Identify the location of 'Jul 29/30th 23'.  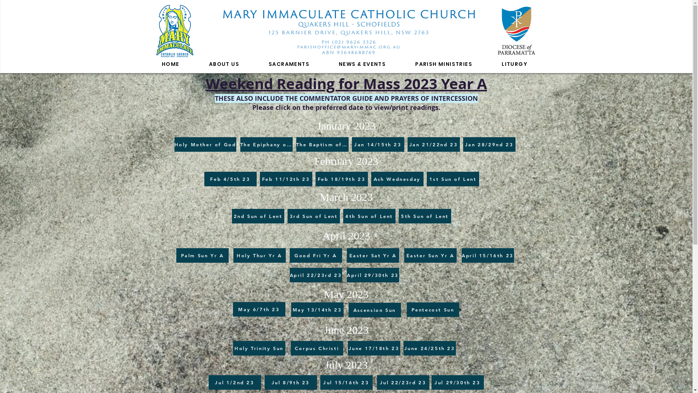
(457, 382).